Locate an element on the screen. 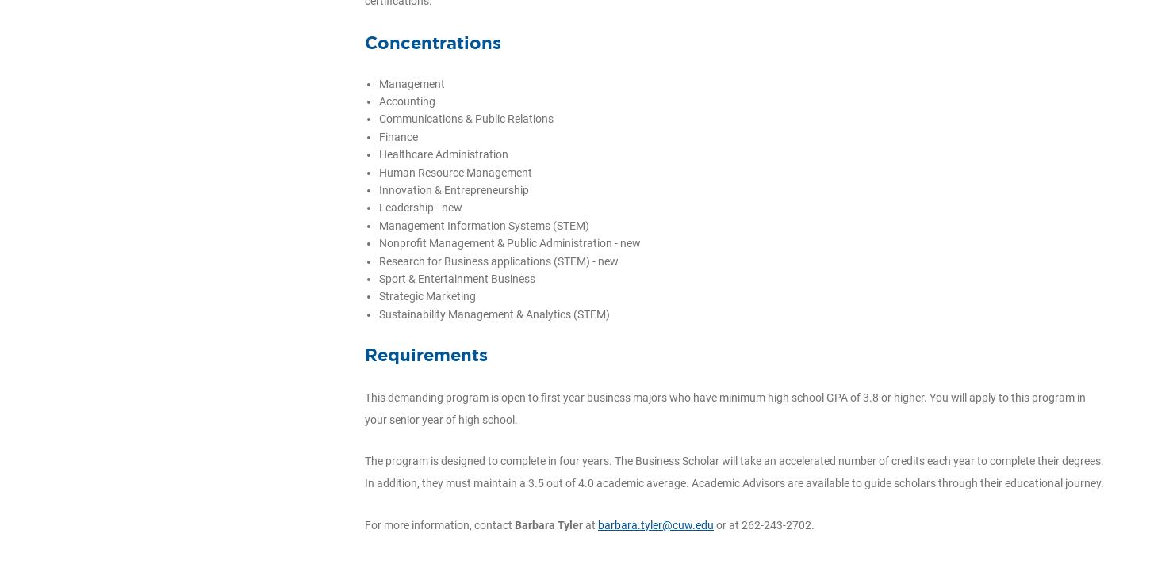 The width and height of the screenshot is (1150, 579). 'Innovation & Entrepreneurship' is located at coordinates (454, 189).